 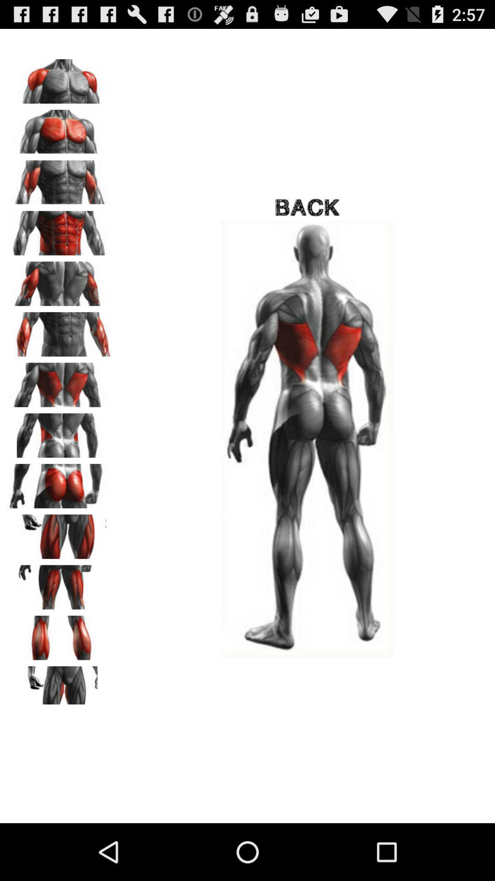 I want to click on picture, so click(x=60, y=584).